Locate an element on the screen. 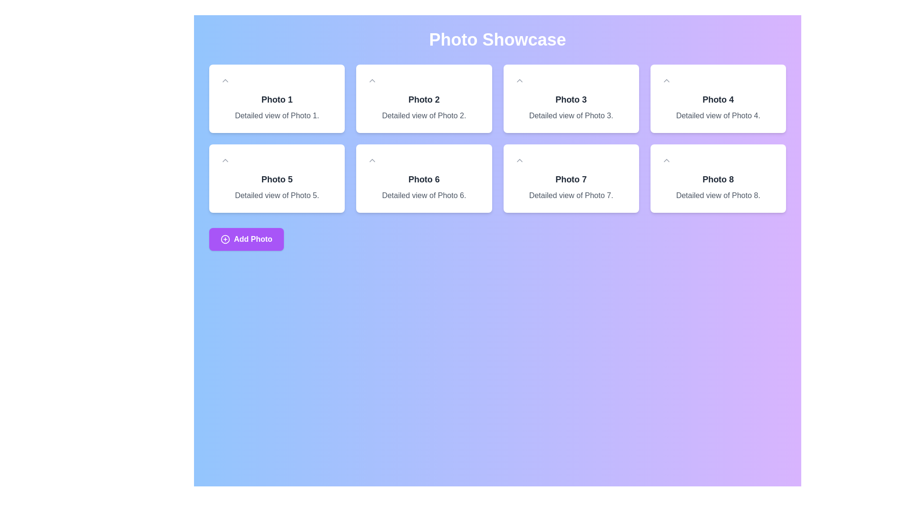  text content of the element styled in gray that states 'Detailed view of Photo 2', which is located below the title 'Photo 2' in the second card of a grid layout is located at coordinates (423, 115).